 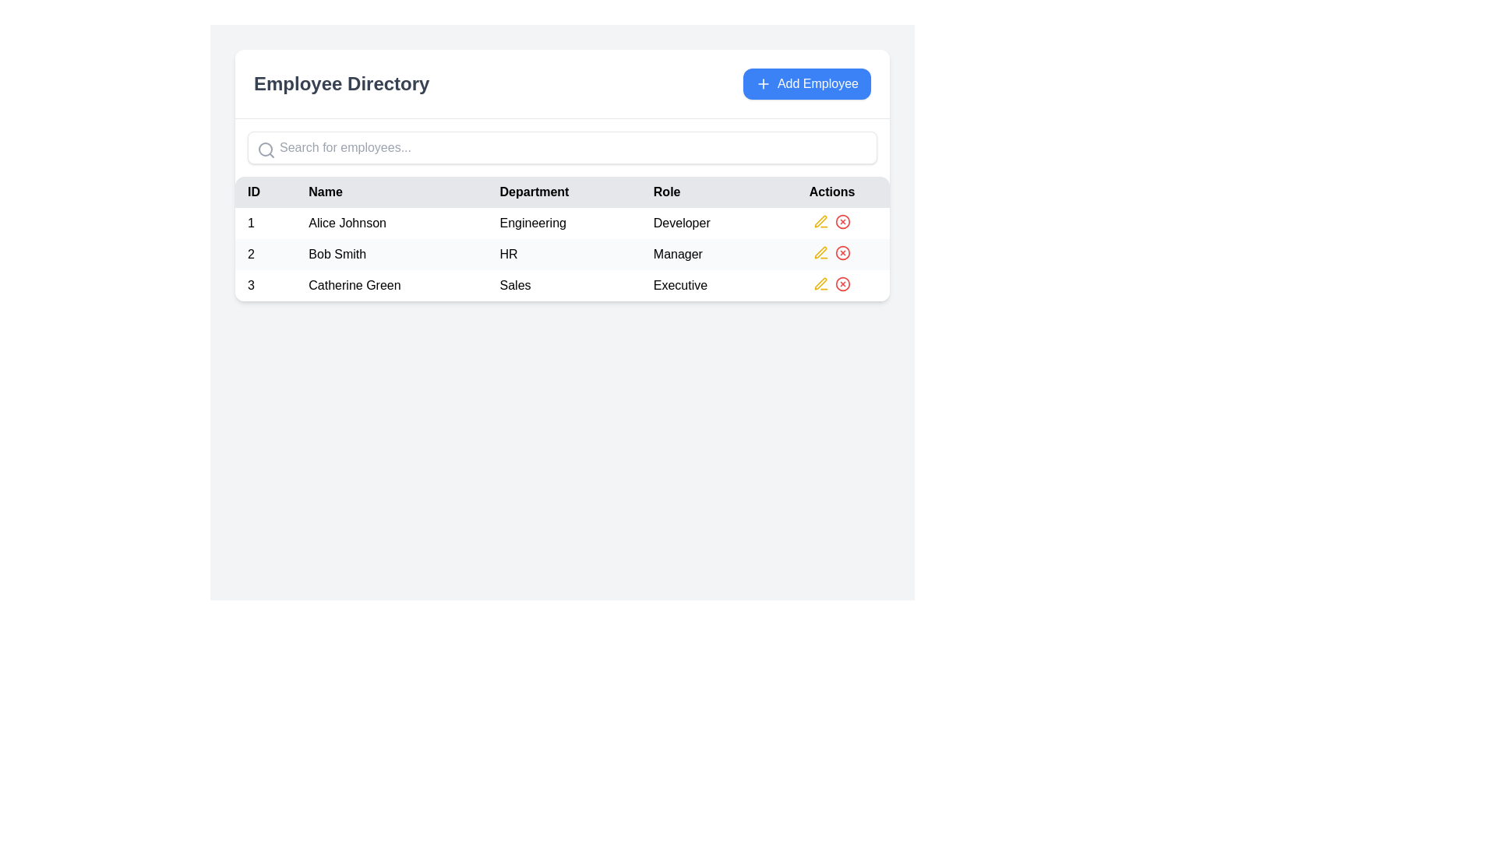 What do you see at coordinates (831, 252) in the screenshot?
I see `the red cross icon in the action icons cluster located in the second row of the table under the 'Actions' column` at bounding box center [831, 252].